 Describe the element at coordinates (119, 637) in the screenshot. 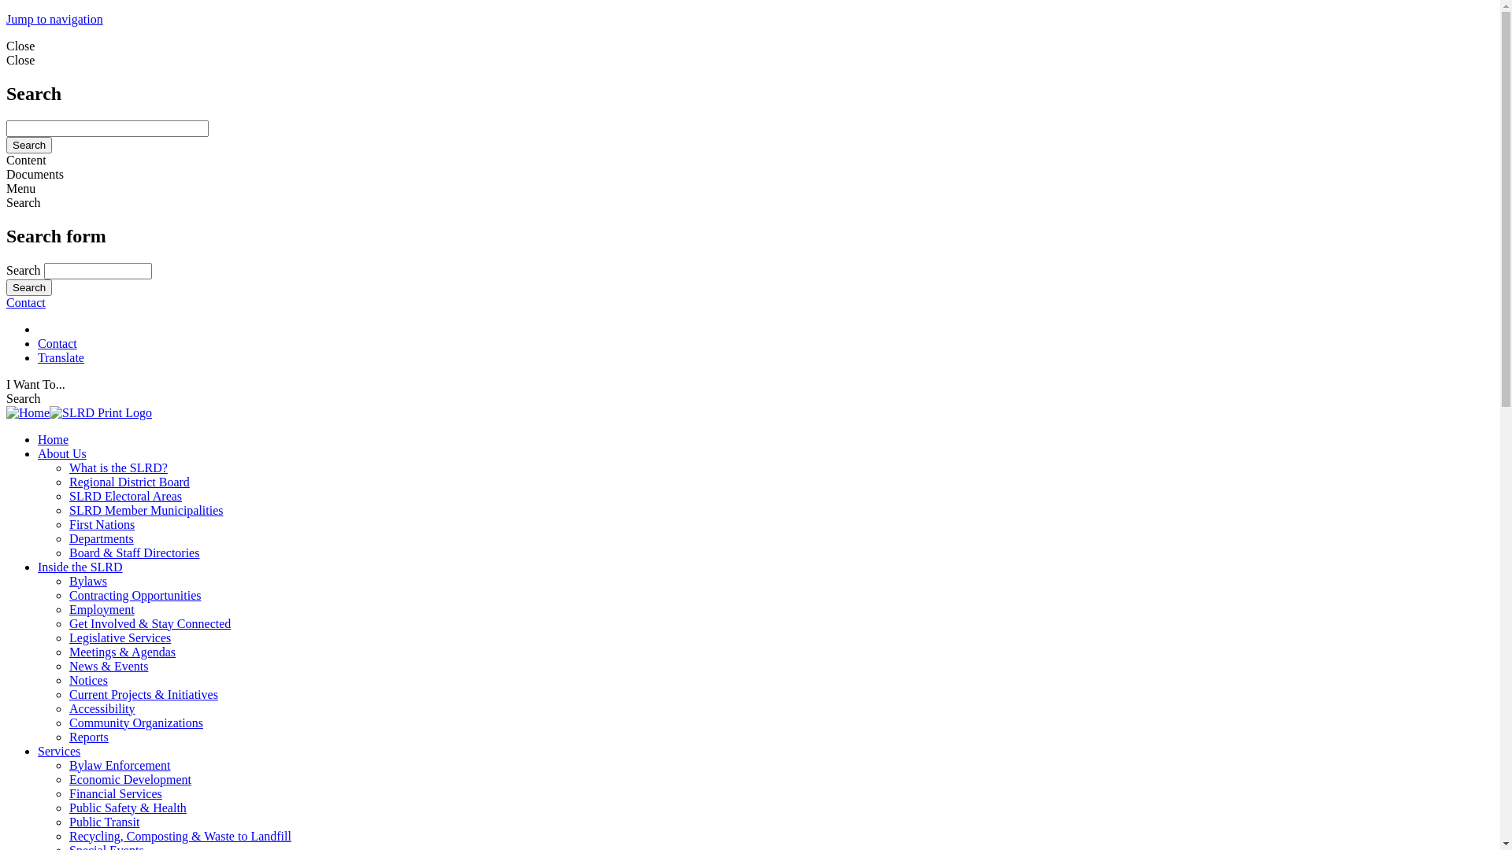

I see `'Legislative Services'` at that location.